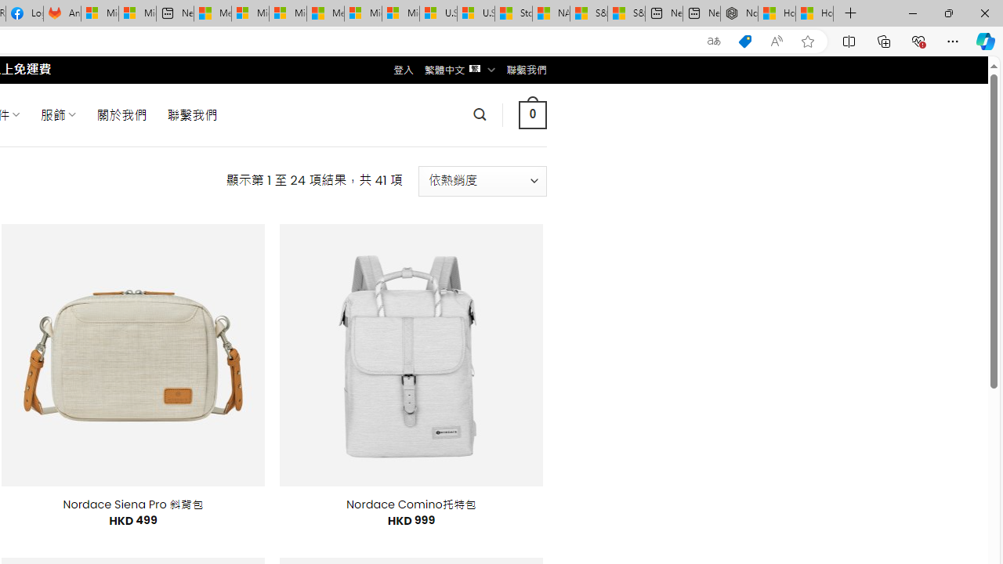 This screenshot has height=564, width=1003. What do you see at coordinates (918, 40) in the screenshot?
I see `'Browser essentials'` at bounding box center [918, 40].